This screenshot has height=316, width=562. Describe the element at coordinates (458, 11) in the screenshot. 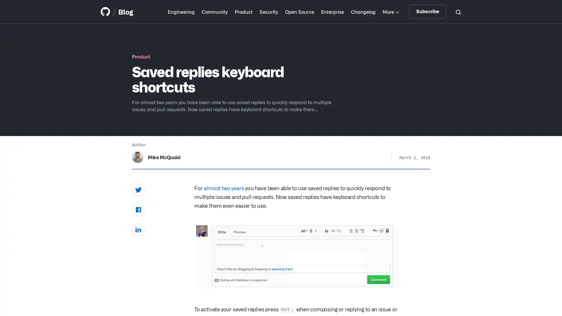

I see `Search toggle` at that location.